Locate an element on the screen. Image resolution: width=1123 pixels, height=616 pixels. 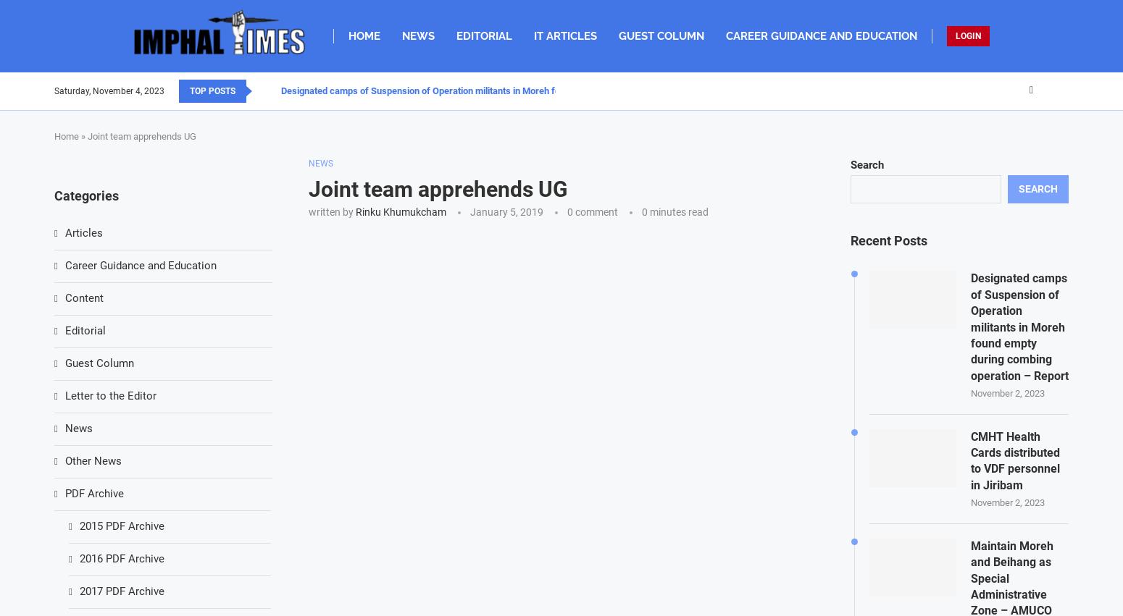
'Letter to the Editor' is located at coordinates (110, 395).